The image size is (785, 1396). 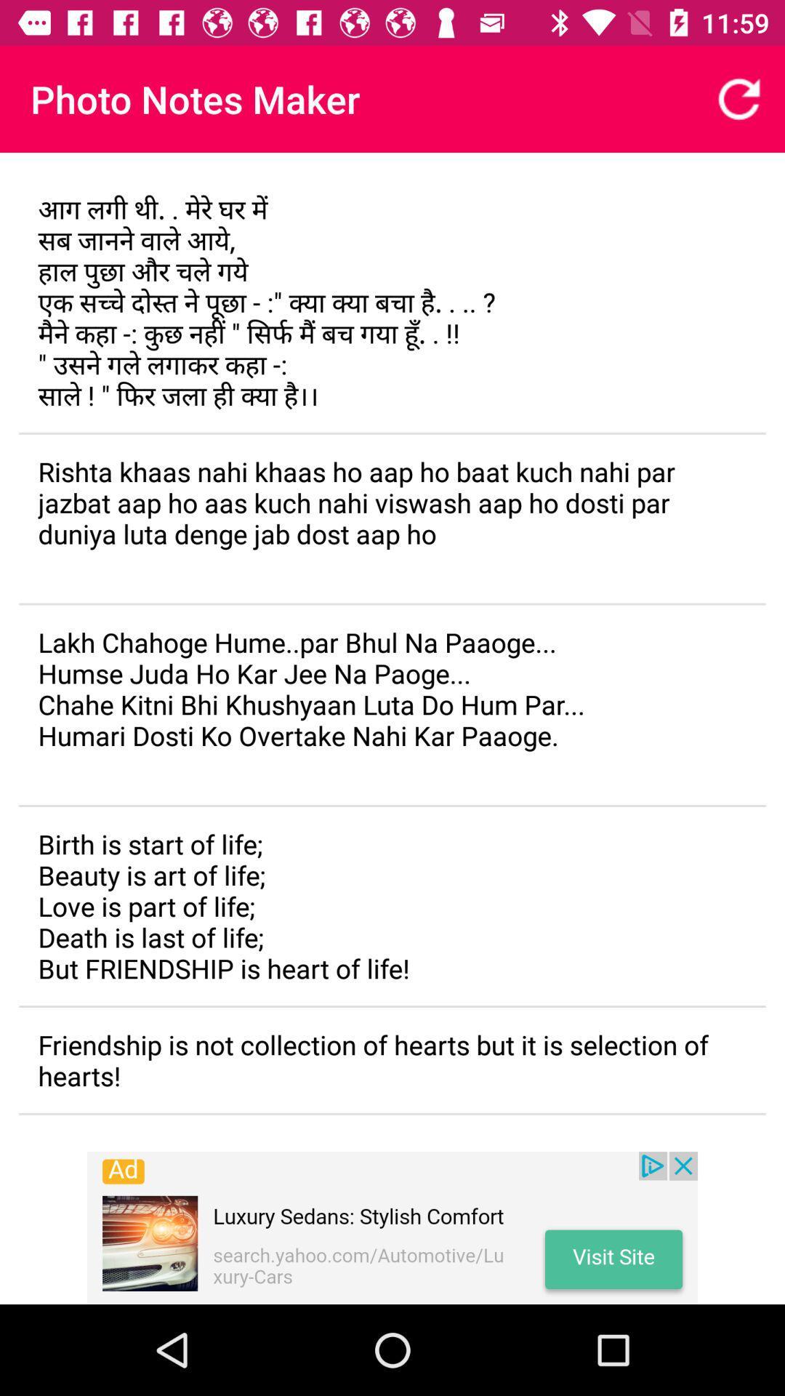 I want to click on reload option, so click(x=739, y=98).